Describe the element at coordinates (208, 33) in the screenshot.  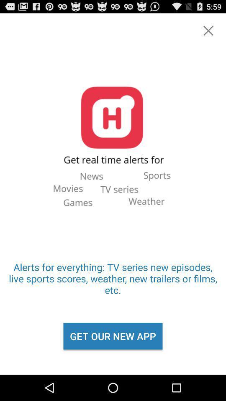
I see `the close icon` at that location.